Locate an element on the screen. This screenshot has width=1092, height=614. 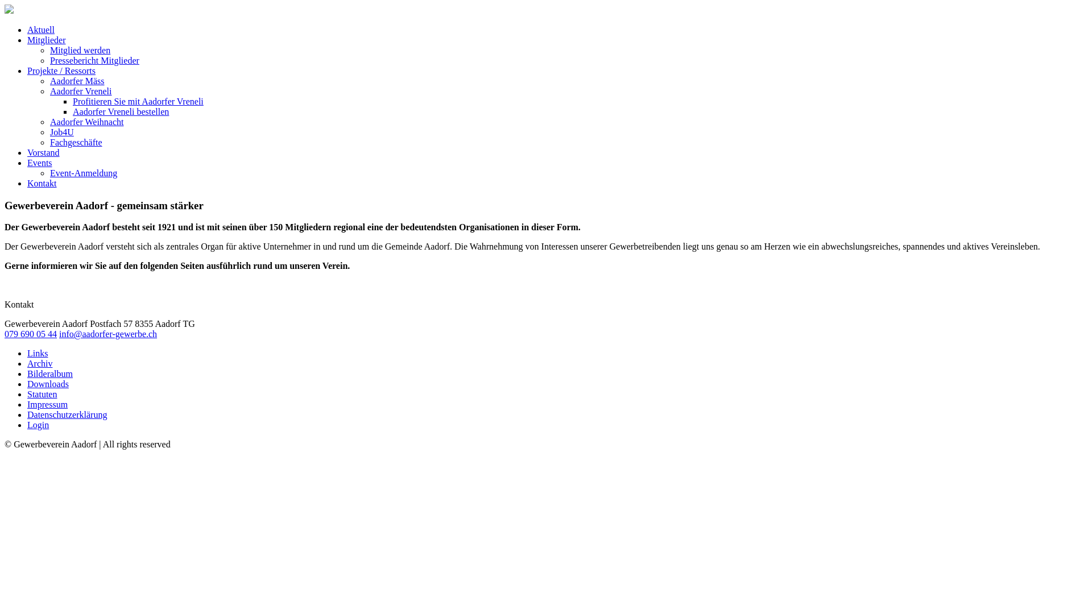
'Aadorfer Vreneli' is located at coordinates (80, 90).